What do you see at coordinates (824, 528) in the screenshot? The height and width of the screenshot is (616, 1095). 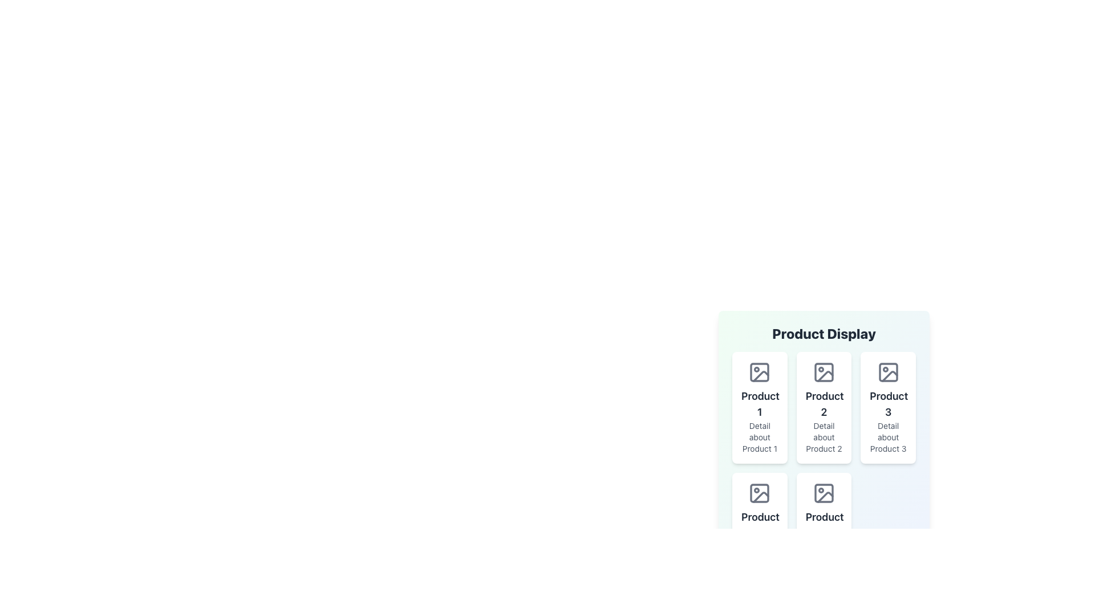 I see `the sub-elements of the Informational card for 'Product 5', which is located in the bottom-right corner of the grid layout` at bounding box center [824, 528].